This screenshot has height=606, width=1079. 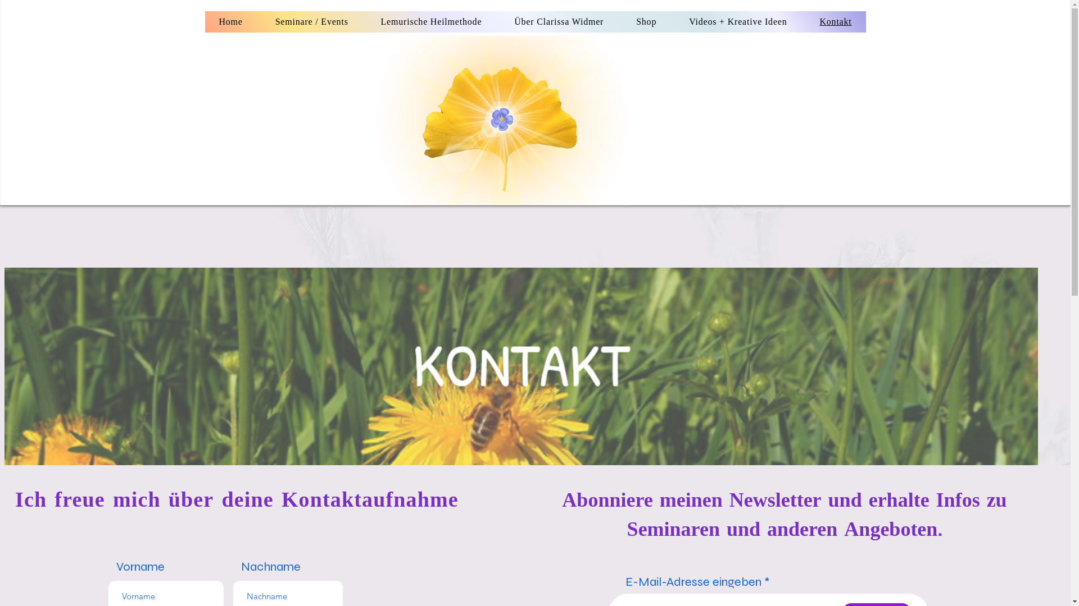 I want to click on 'Lemurische Heilmethode', so click(x=431, y=21).